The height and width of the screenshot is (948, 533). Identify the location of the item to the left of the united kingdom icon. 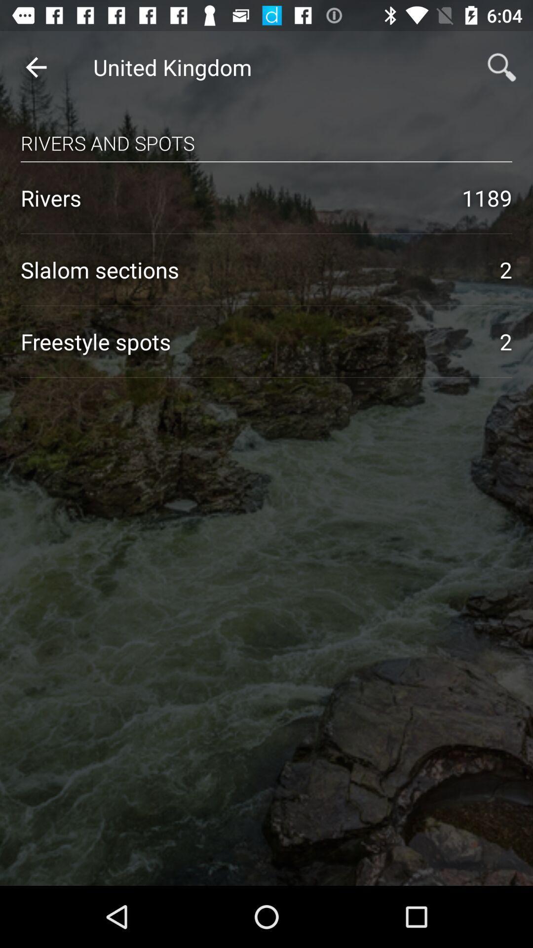
(36, 67).